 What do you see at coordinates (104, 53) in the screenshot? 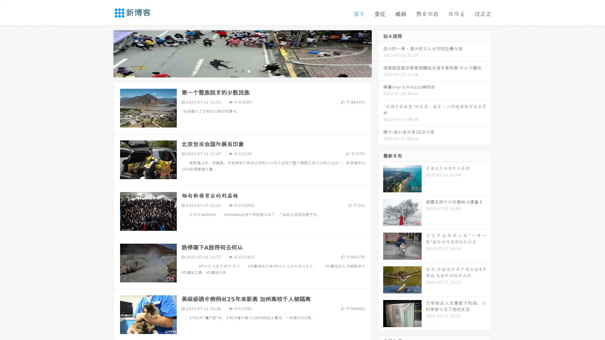
I see `Previous slide` at bounding box center [104, 53].